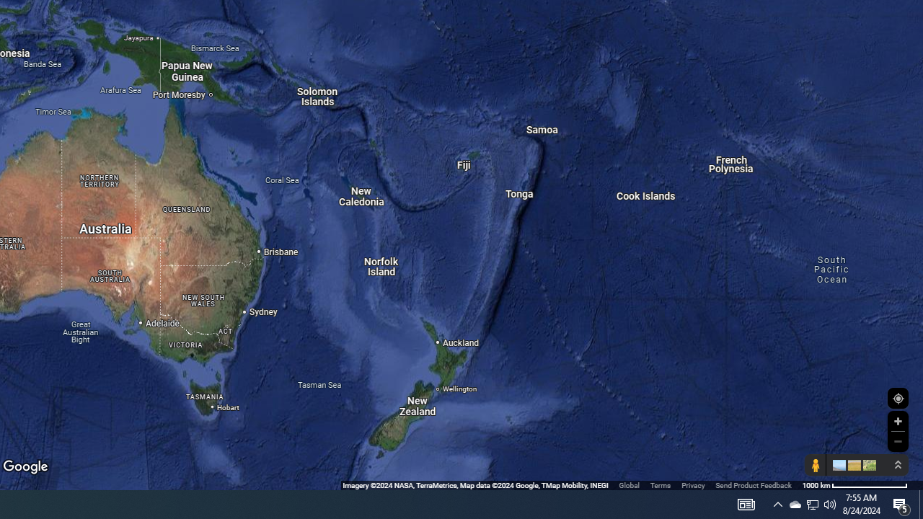 The height and width of the screenshot is (519, 923). I want to click on 'Zoom out', so click(897, 440).